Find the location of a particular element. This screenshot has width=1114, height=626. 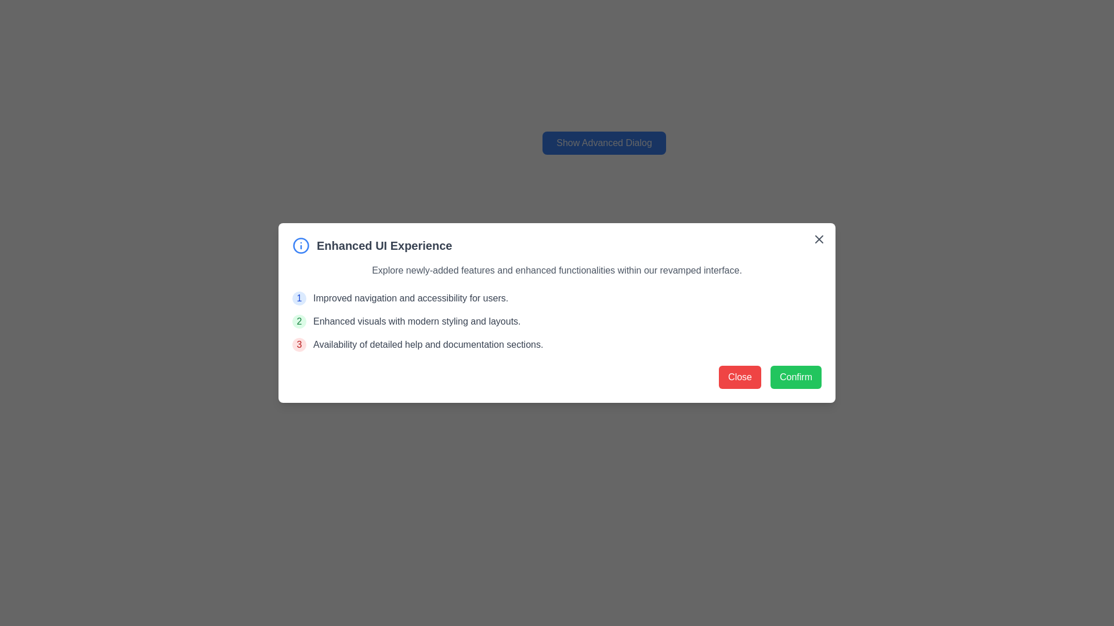

the Bold text heading located near the top-left portion of the modal dialog window, which summarizes the main purpose of the dialog box is located at coordinates (384, 245).